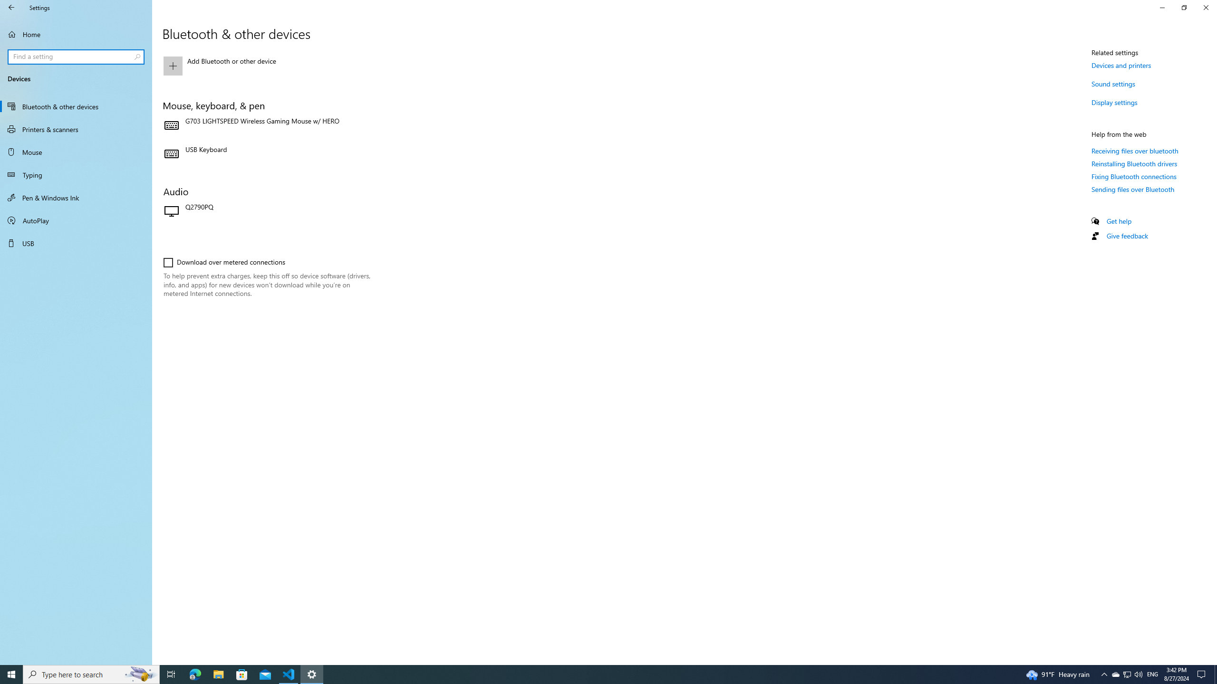 This screenshot has height=684, width=1217. Describe the element at coordinates (1121, 65) in the screenshot. I see `'Devices and printers'` at that location.